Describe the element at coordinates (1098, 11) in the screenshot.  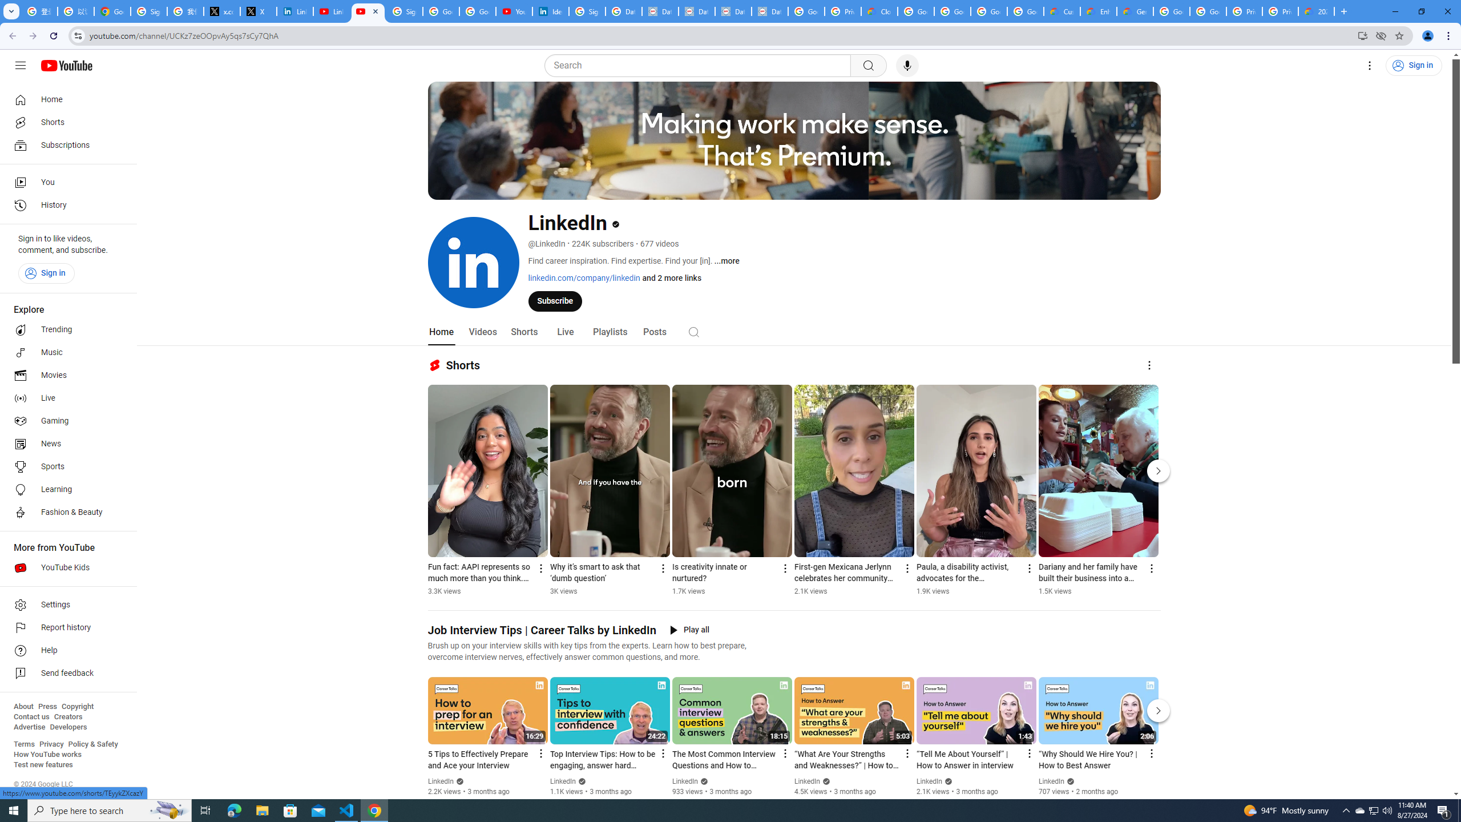
I see `'Enhanced Support | Google Cloud'` at that location.